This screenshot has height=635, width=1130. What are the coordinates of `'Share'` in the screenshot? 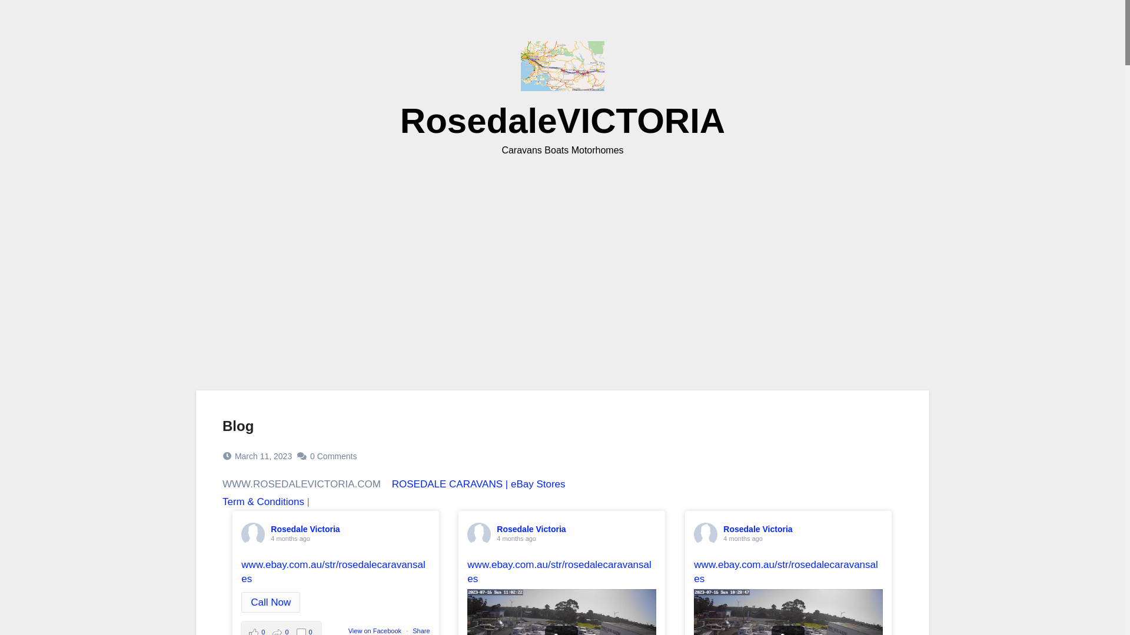 It's located at (421, 630).